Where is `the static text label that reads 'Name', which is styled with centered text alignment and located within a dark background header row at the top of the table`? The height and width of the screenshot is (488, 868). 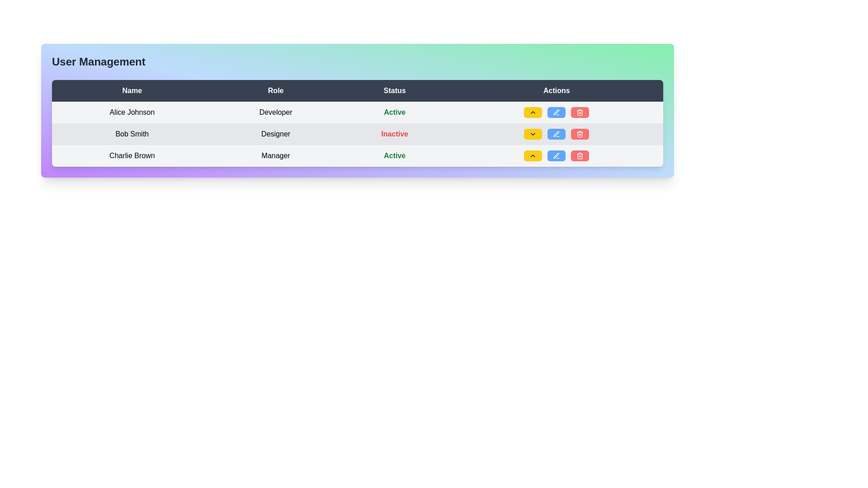
the static text label that reads 'Name', which is styled with centered text alignment and located within a dark background header row at the top of the table is located at coordinates (132, 90).